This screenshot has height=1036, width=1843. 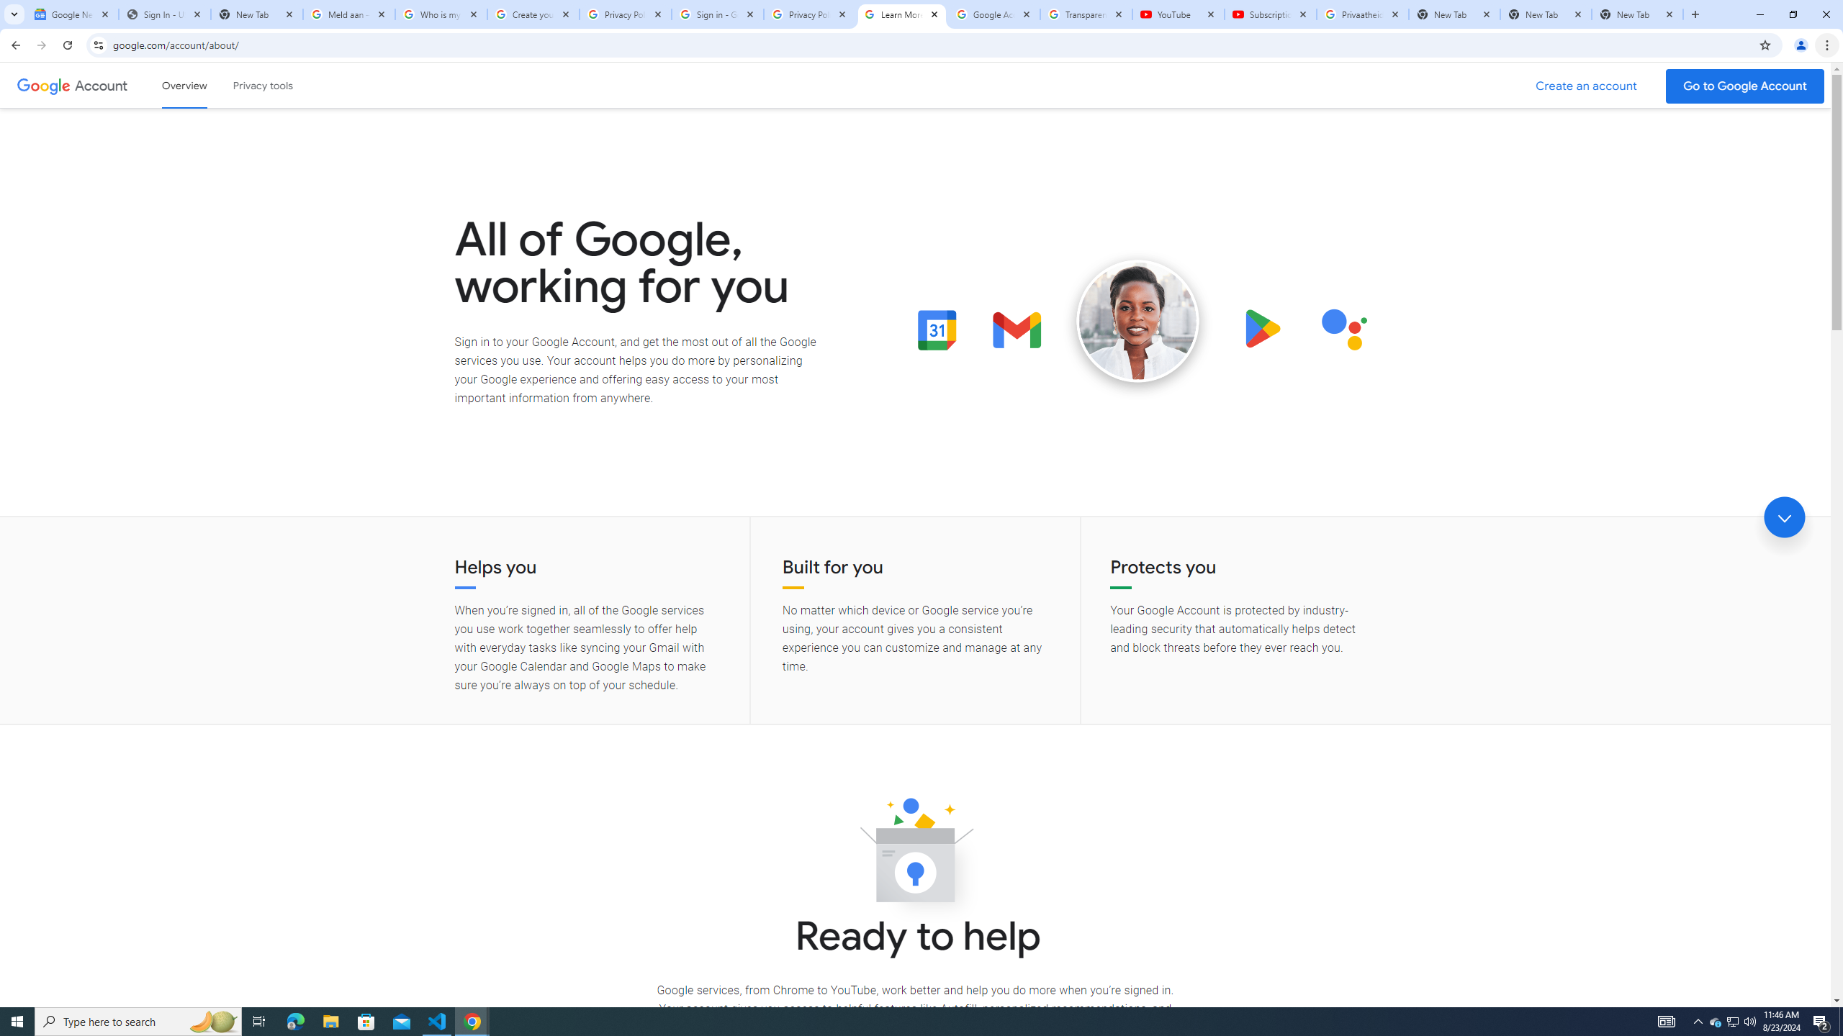 I want to click on 'Jump link', so click(x=1784, y=517).